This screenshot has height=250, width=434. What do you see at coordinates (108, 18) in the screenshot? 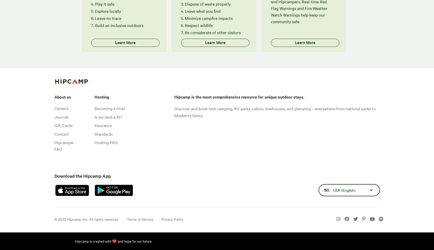
I see `'Leave no trace'` at bounding box center [108, 18].